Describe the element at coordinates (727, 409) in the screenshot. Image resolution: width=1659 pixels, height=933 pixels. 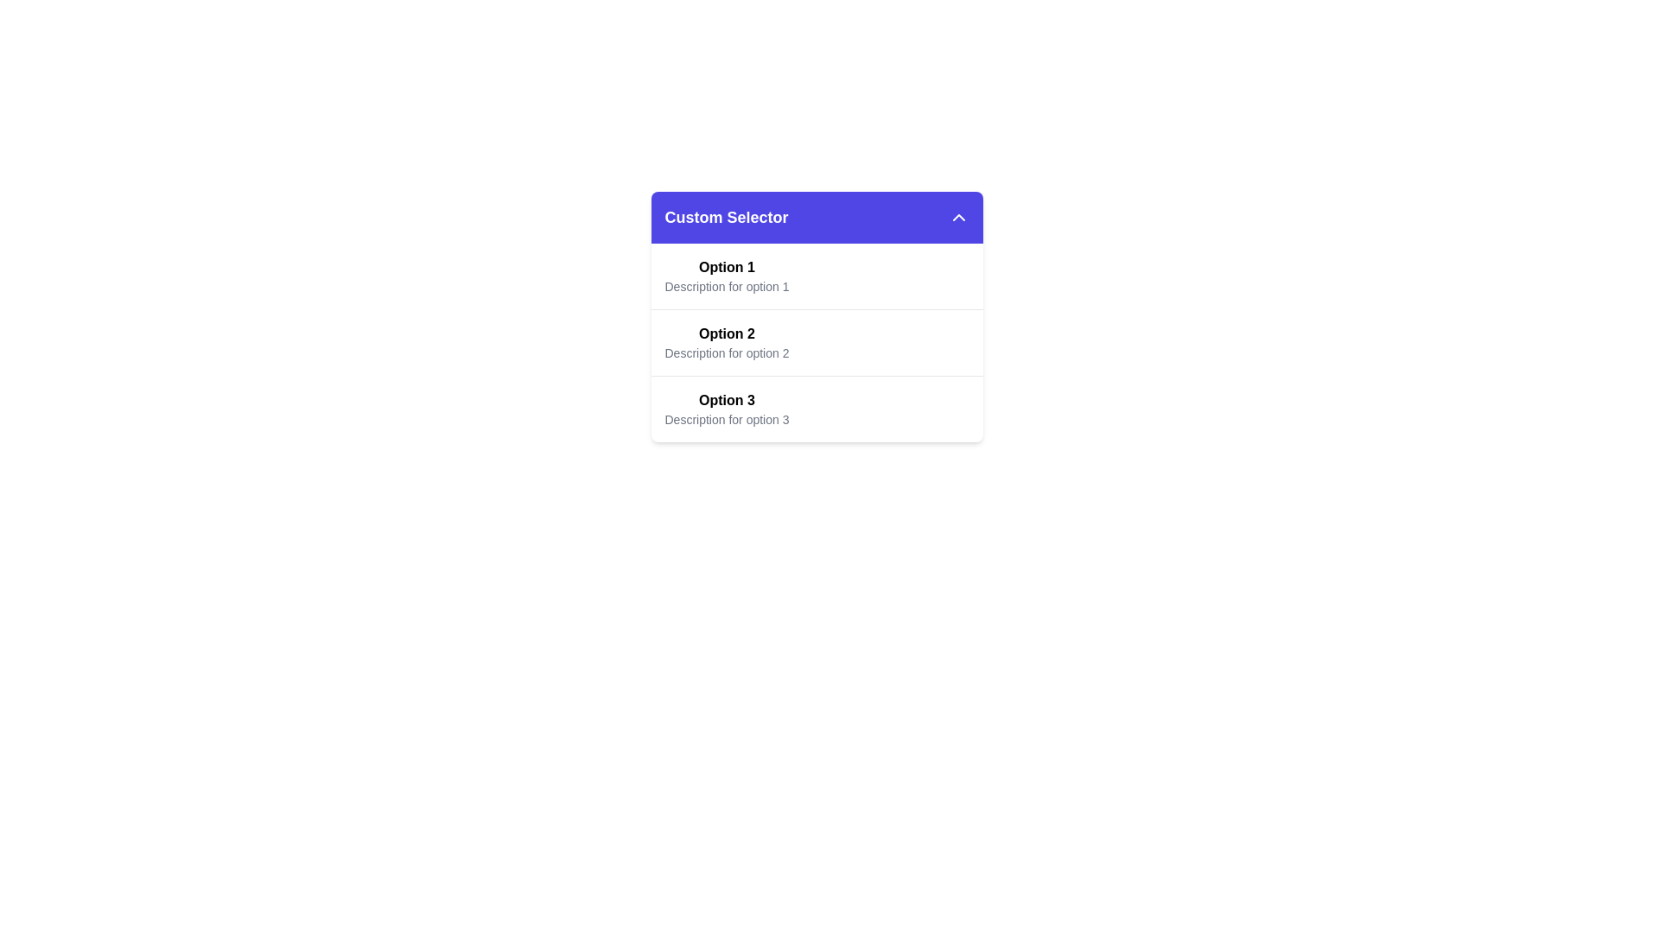
I see `to select 'Option 3' from the dropdown menu 'Custom Selector', which is the third item in the list and has a bold title above a lighter description` at that location.